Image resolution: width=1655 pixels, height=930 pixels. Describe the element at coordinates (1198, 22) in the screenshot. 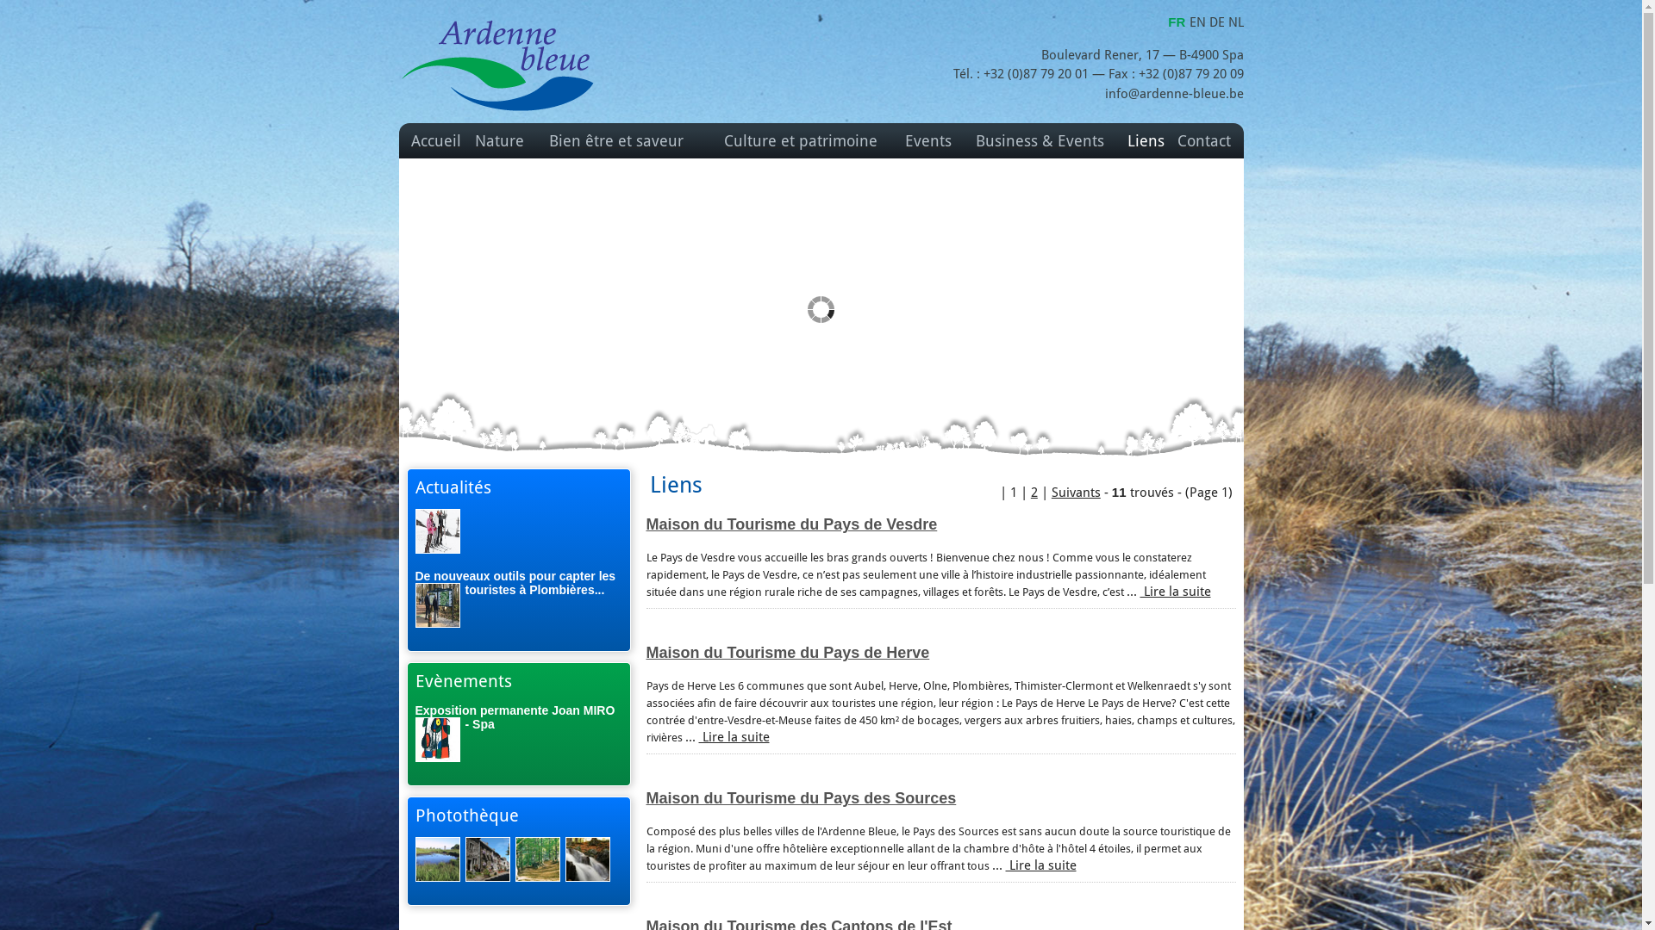

I see `'EN'` at that location.